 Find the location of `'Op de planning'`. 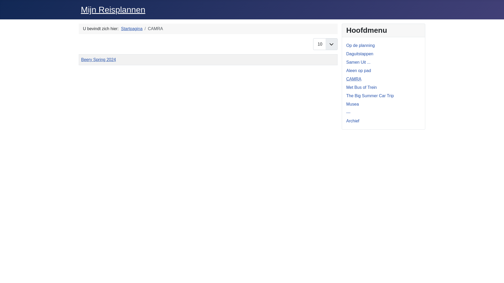

'Op de planning' is located at coordinates (360, 45).